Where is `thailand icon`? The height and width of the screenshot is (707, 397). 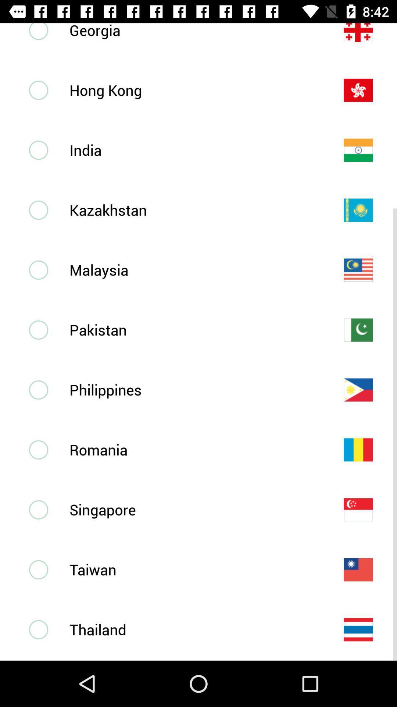 thailand icon is located at coordinates (194, 629).